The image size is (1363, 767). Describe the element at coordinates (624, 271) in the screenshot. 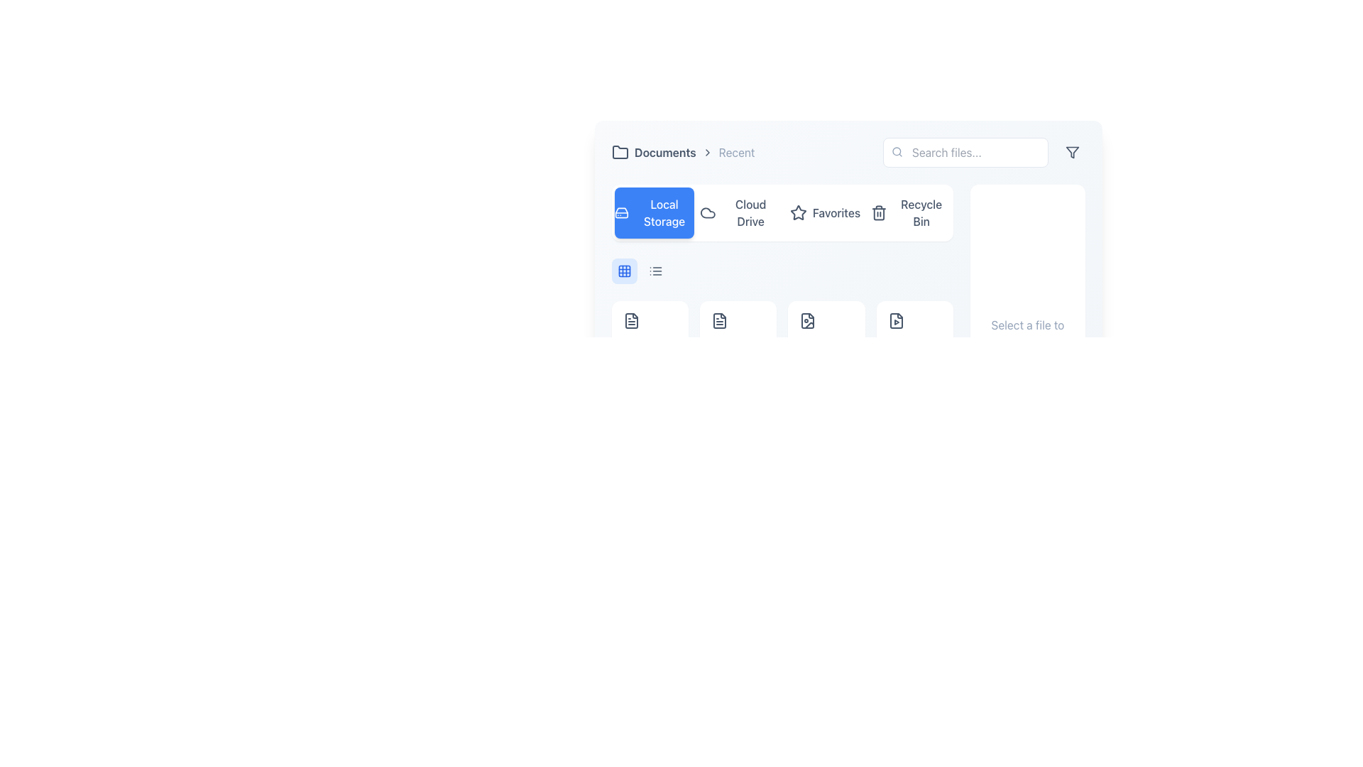

I see `the grid layout toggle button located in the toolbar area, which is the first button on the left in a set of two toggle buttons` at that location.